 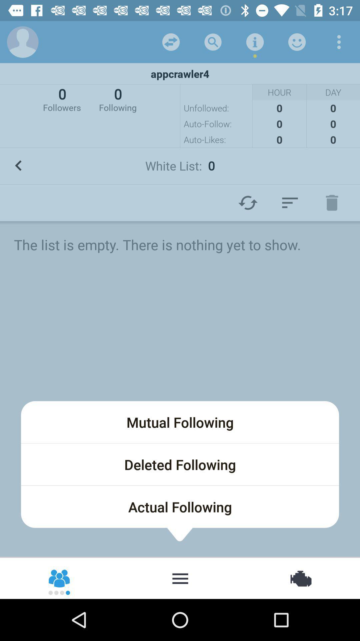 I want to click on your profile, so click(x=22, y=41).